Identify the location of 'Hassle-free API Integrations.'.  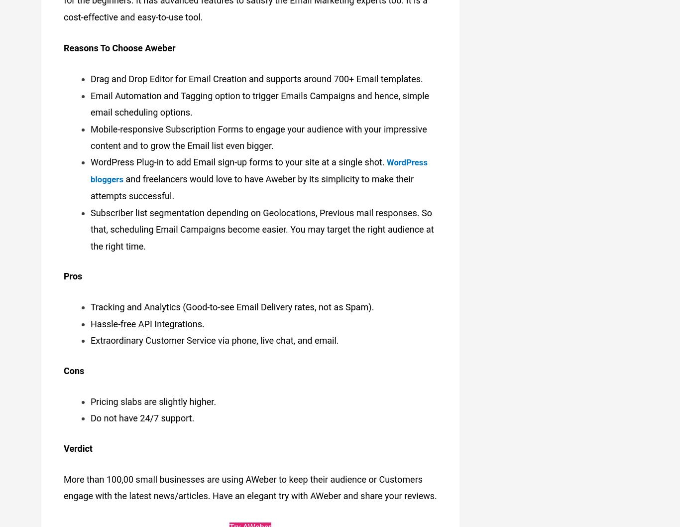
(147, 319).